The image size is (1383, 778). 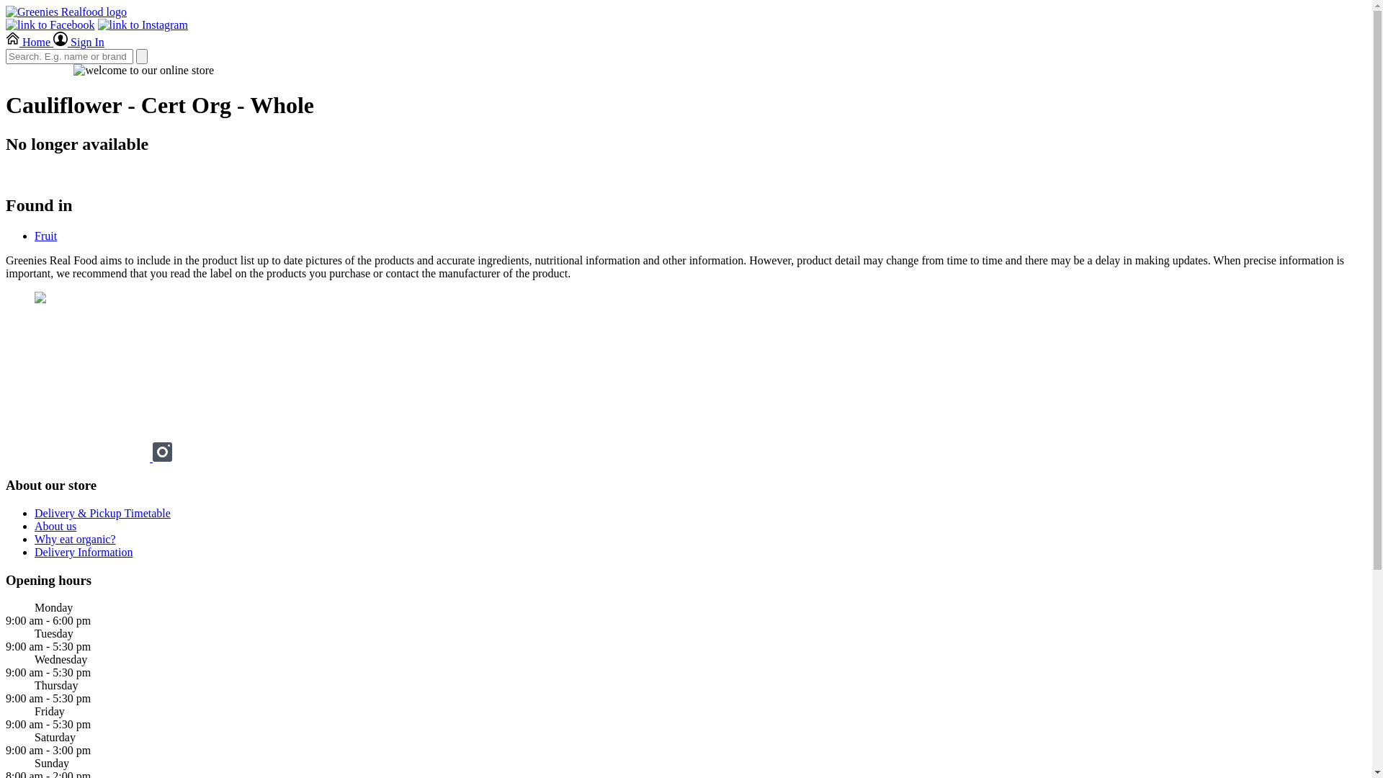 What do you see at coordinates (79, 457) in the screenshot?
I see `'Facebook'` at bounding box center [79, 457].